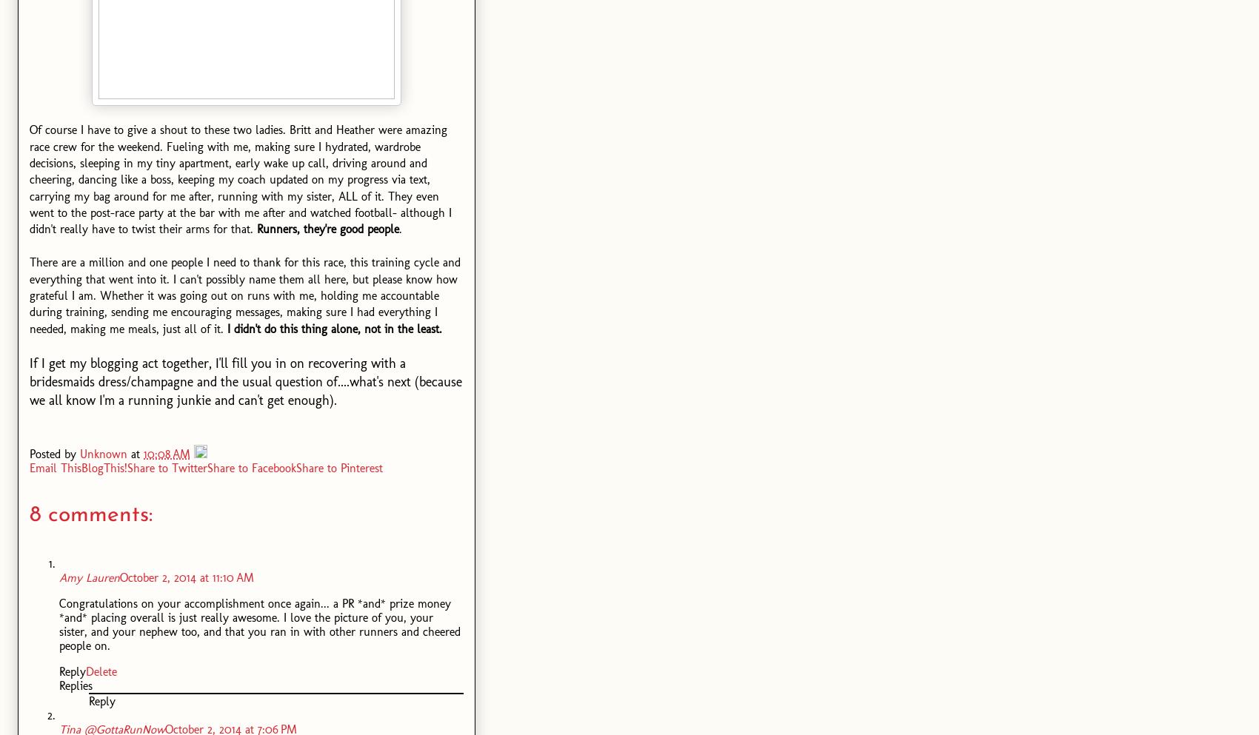 This screenshot has height=735, width=1259. I want to click on 'Share to Pinterest', so click(339, 466).